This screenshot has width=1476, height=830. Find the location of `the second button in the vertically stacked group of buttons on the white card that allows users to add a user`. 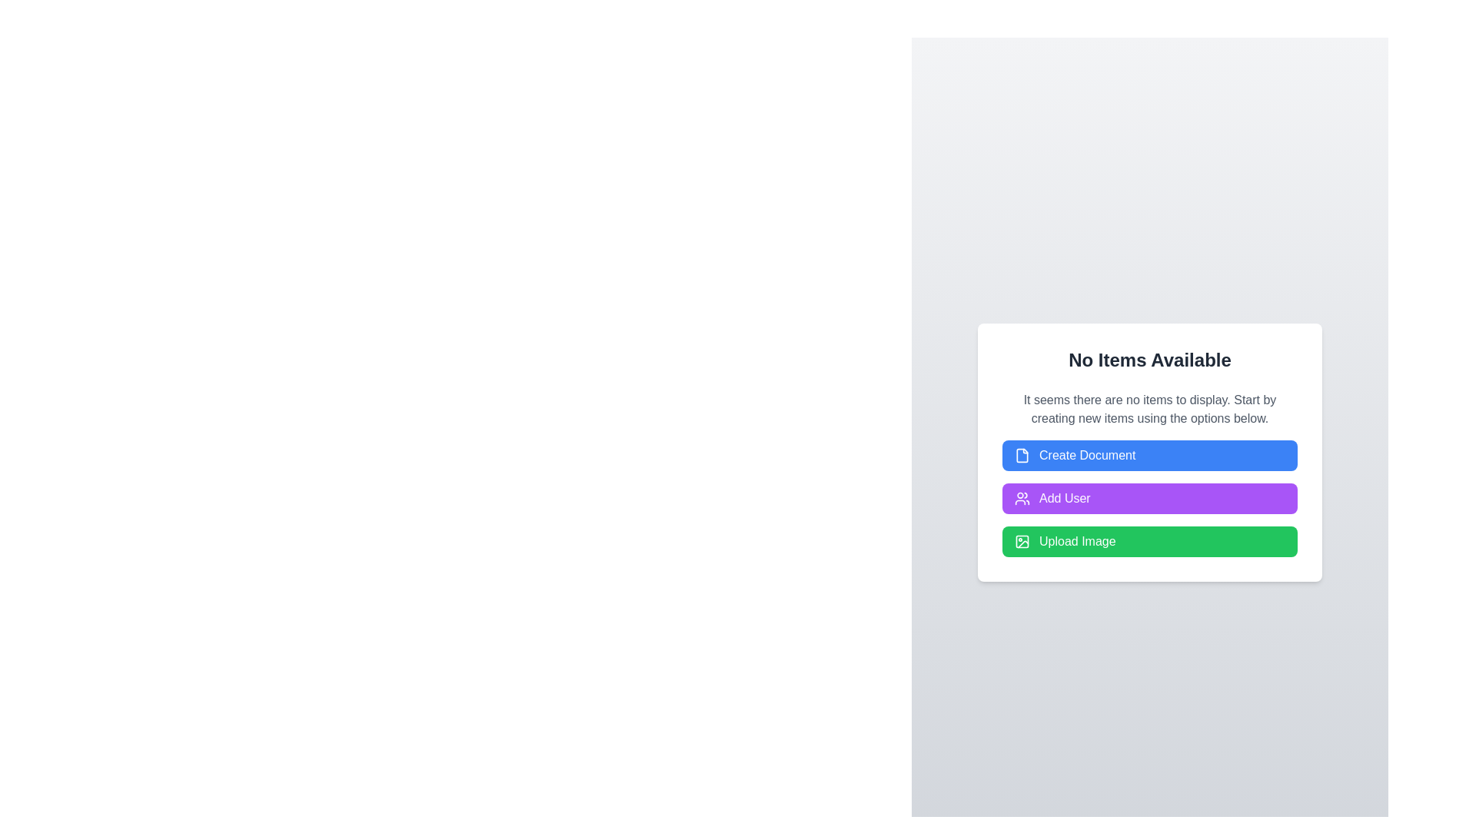

the second button in the vertically stacked group of buttons on the white card that allows users to add a user is located at coordinates (1150, 498).